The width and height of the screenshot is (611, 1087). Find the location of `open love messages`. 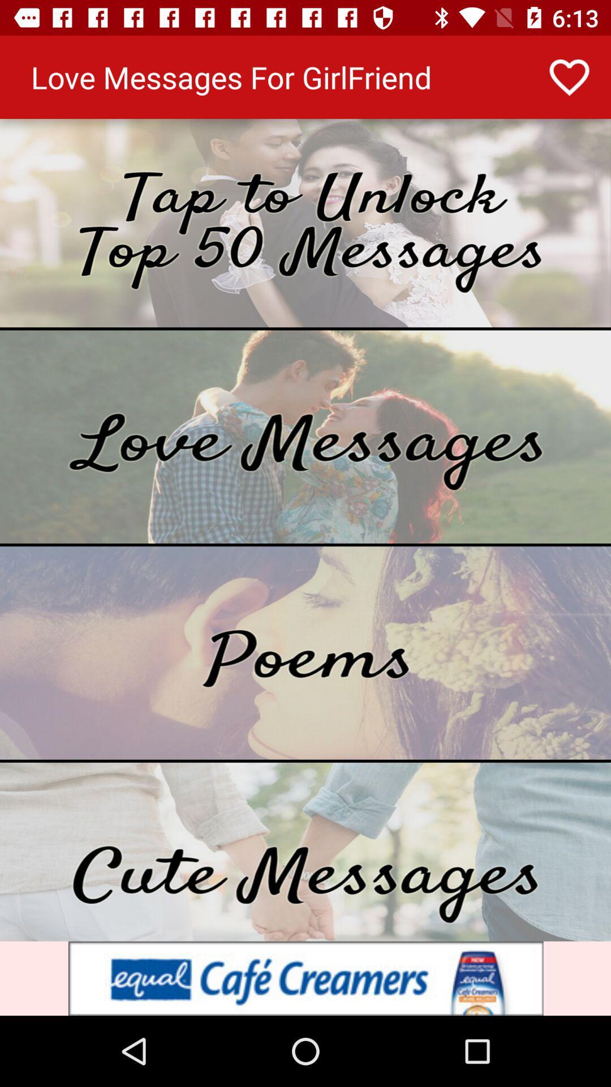

open love messages is located at coordinates (305, 436).